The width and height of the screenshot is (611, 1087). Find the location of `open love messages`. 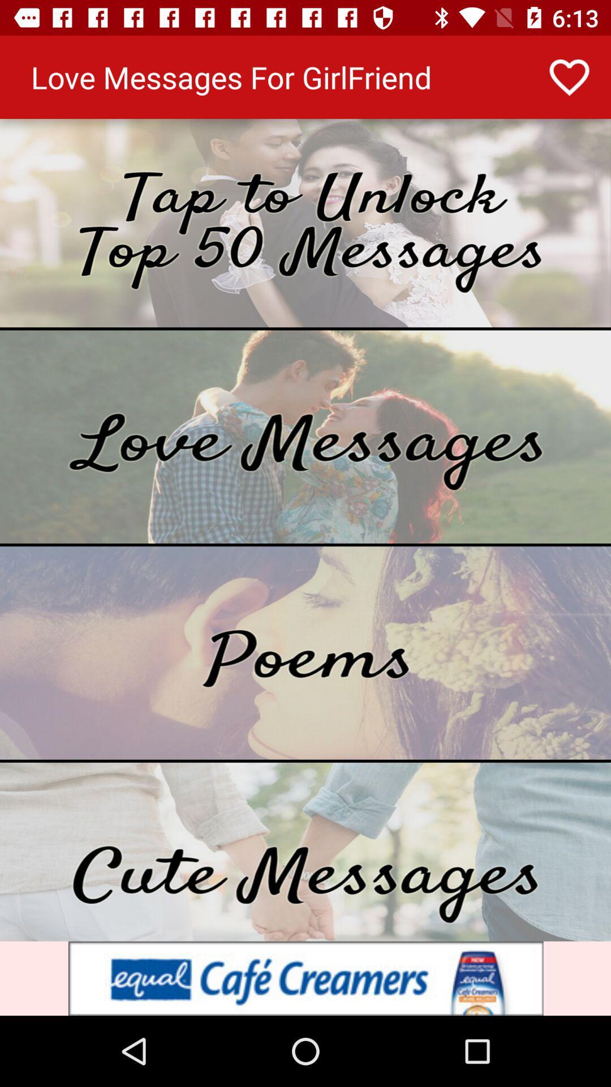

open love messages is located at coordinates (305, 436).